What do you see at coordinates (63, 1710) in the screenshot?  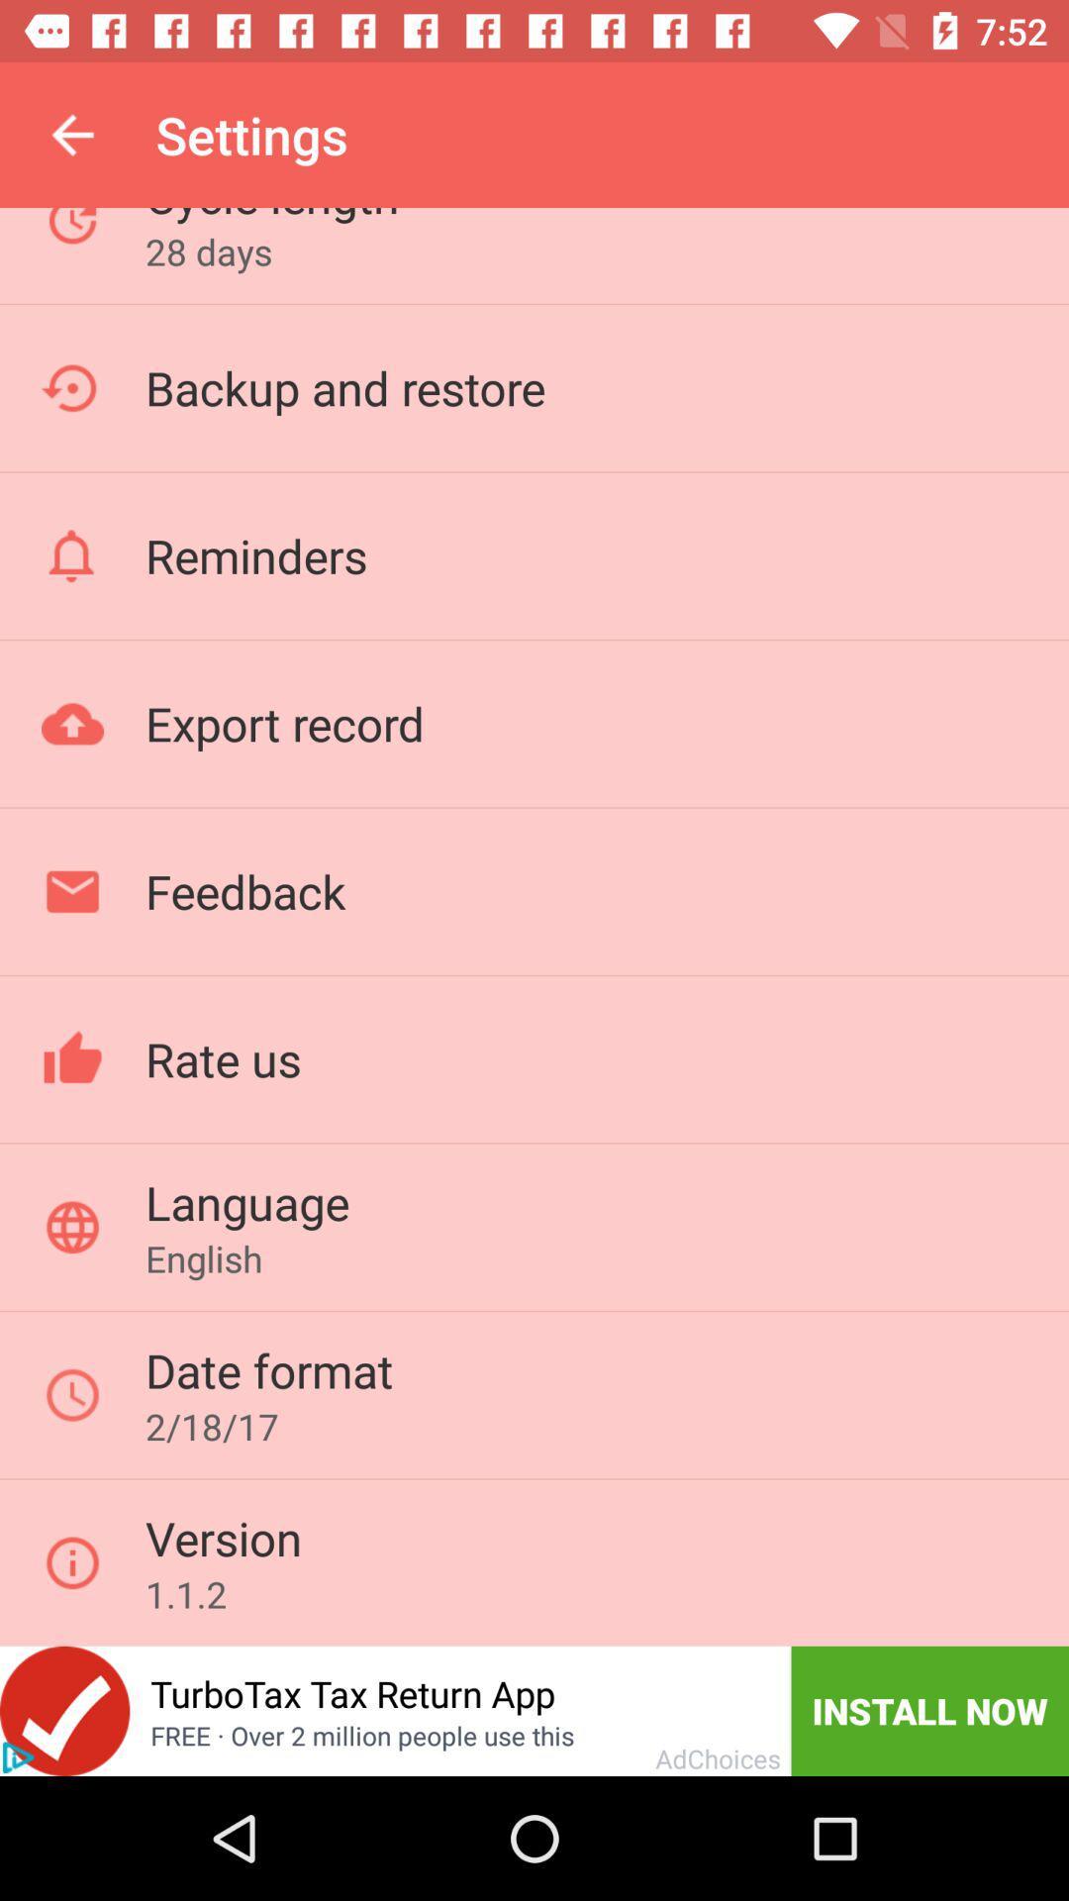 I see `this app` at bounding box center [63, 1710].